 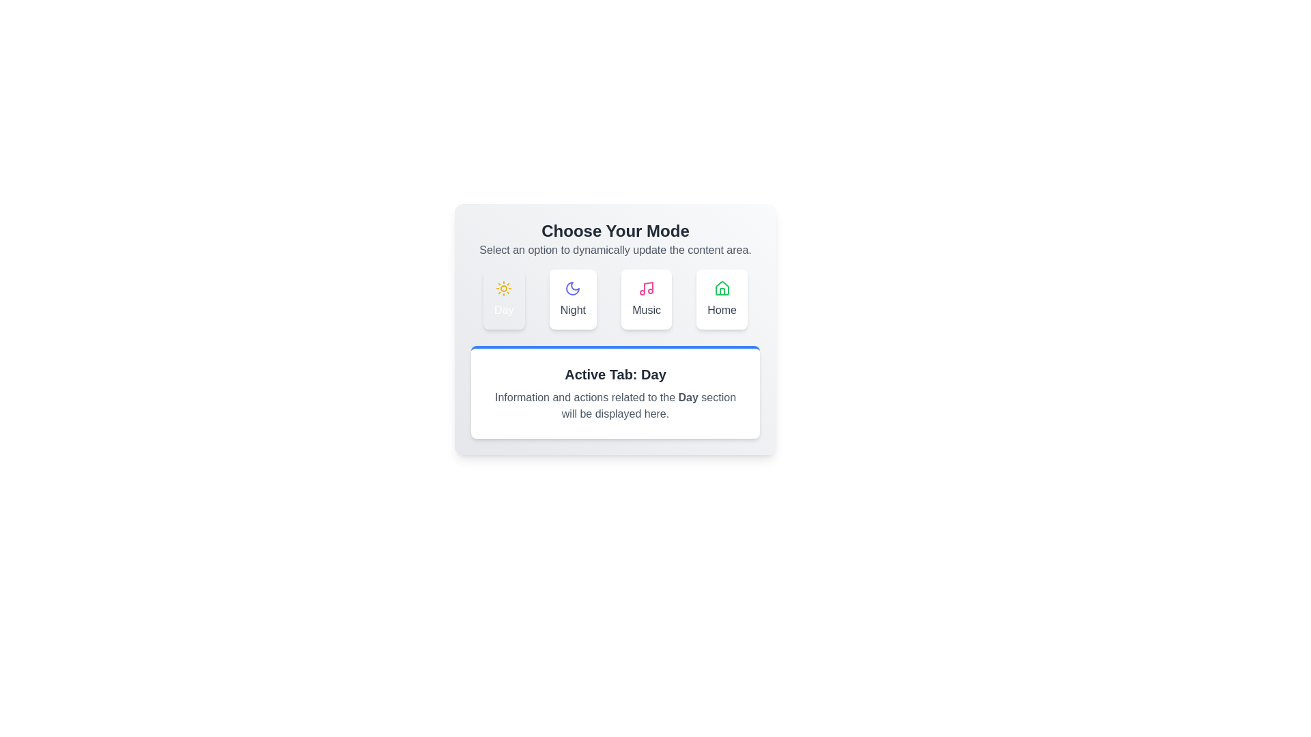 What do you see at coordinates (615, 250) in the screenshot?
I see `the static text that reads 'Select an option to dynamically update the content area.', which is displayed in a subdued gray color and is located directly below 'Choose Your Mode'` at bounding box center [615, 250].